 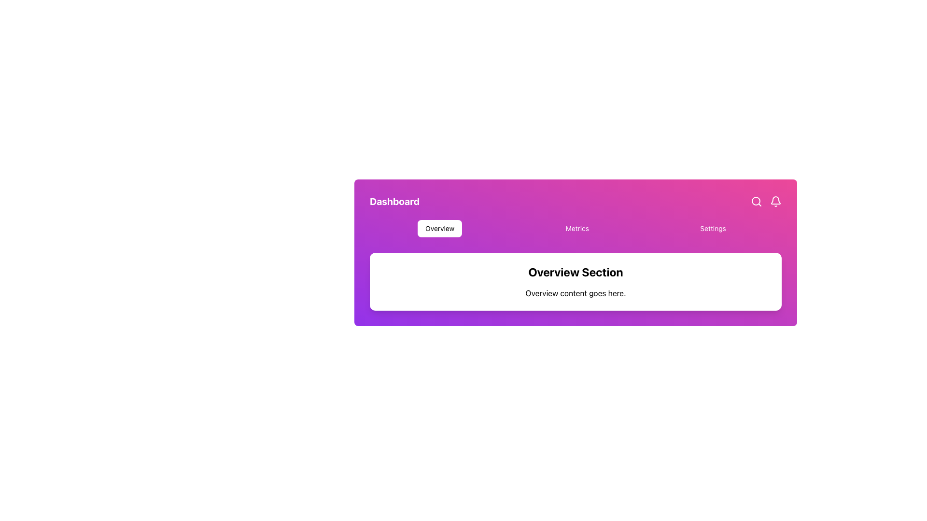 I want to click on the navigation button that directs to the 'Overview' page, positioned as the leftmost button in a group of three buttons below the 'Dashboard' label, so click(x=439, y=229).